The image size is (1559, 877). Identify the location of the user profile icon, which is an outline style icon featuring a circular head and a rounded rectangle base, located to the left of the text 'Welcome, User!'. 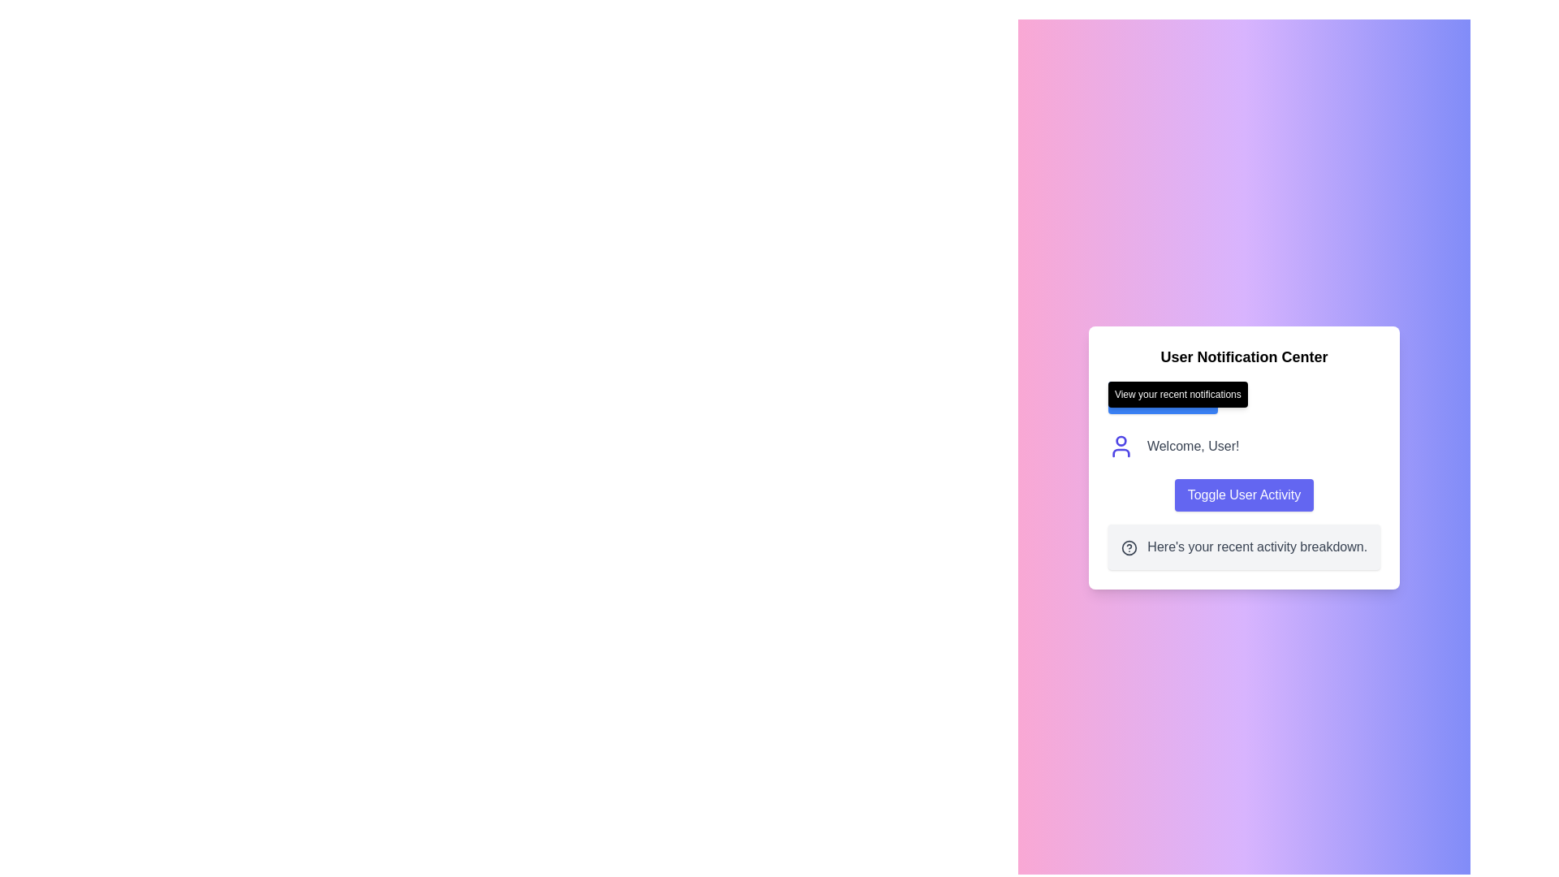
(1120, 447).